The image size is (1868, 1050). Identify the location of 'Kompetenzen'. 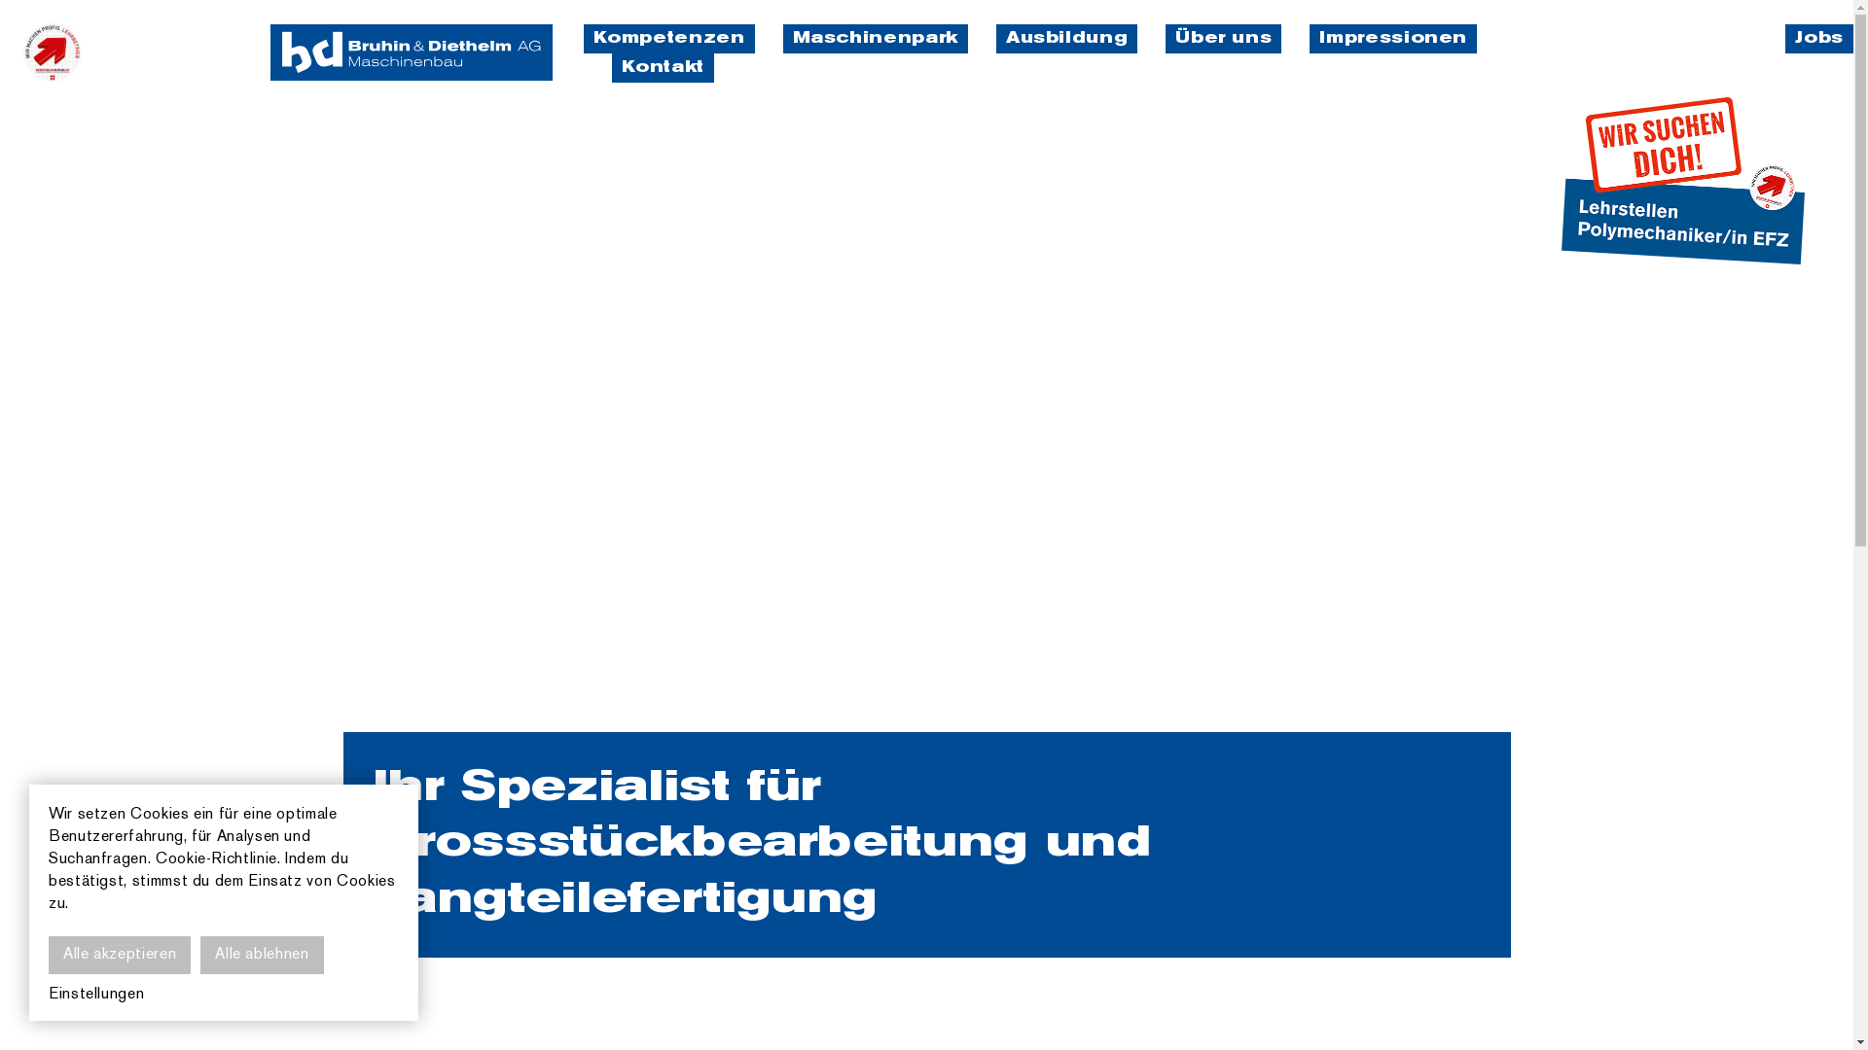
(583, 38).